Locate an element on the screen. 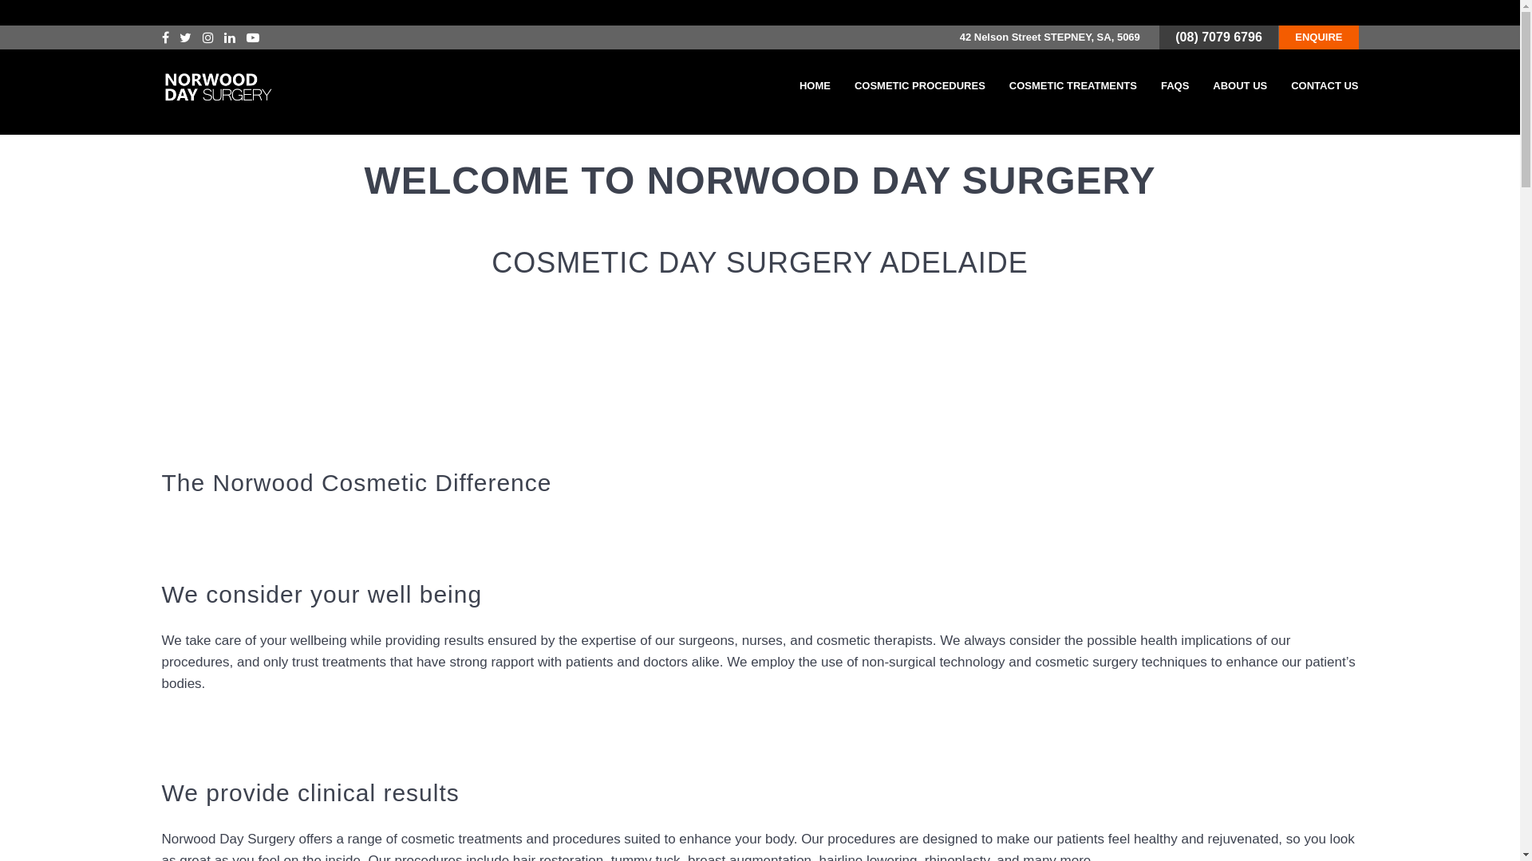 The height and width of the screenshot is (861, 1532). '(08) 7079 6796' is located at coordinates (1175, 36).